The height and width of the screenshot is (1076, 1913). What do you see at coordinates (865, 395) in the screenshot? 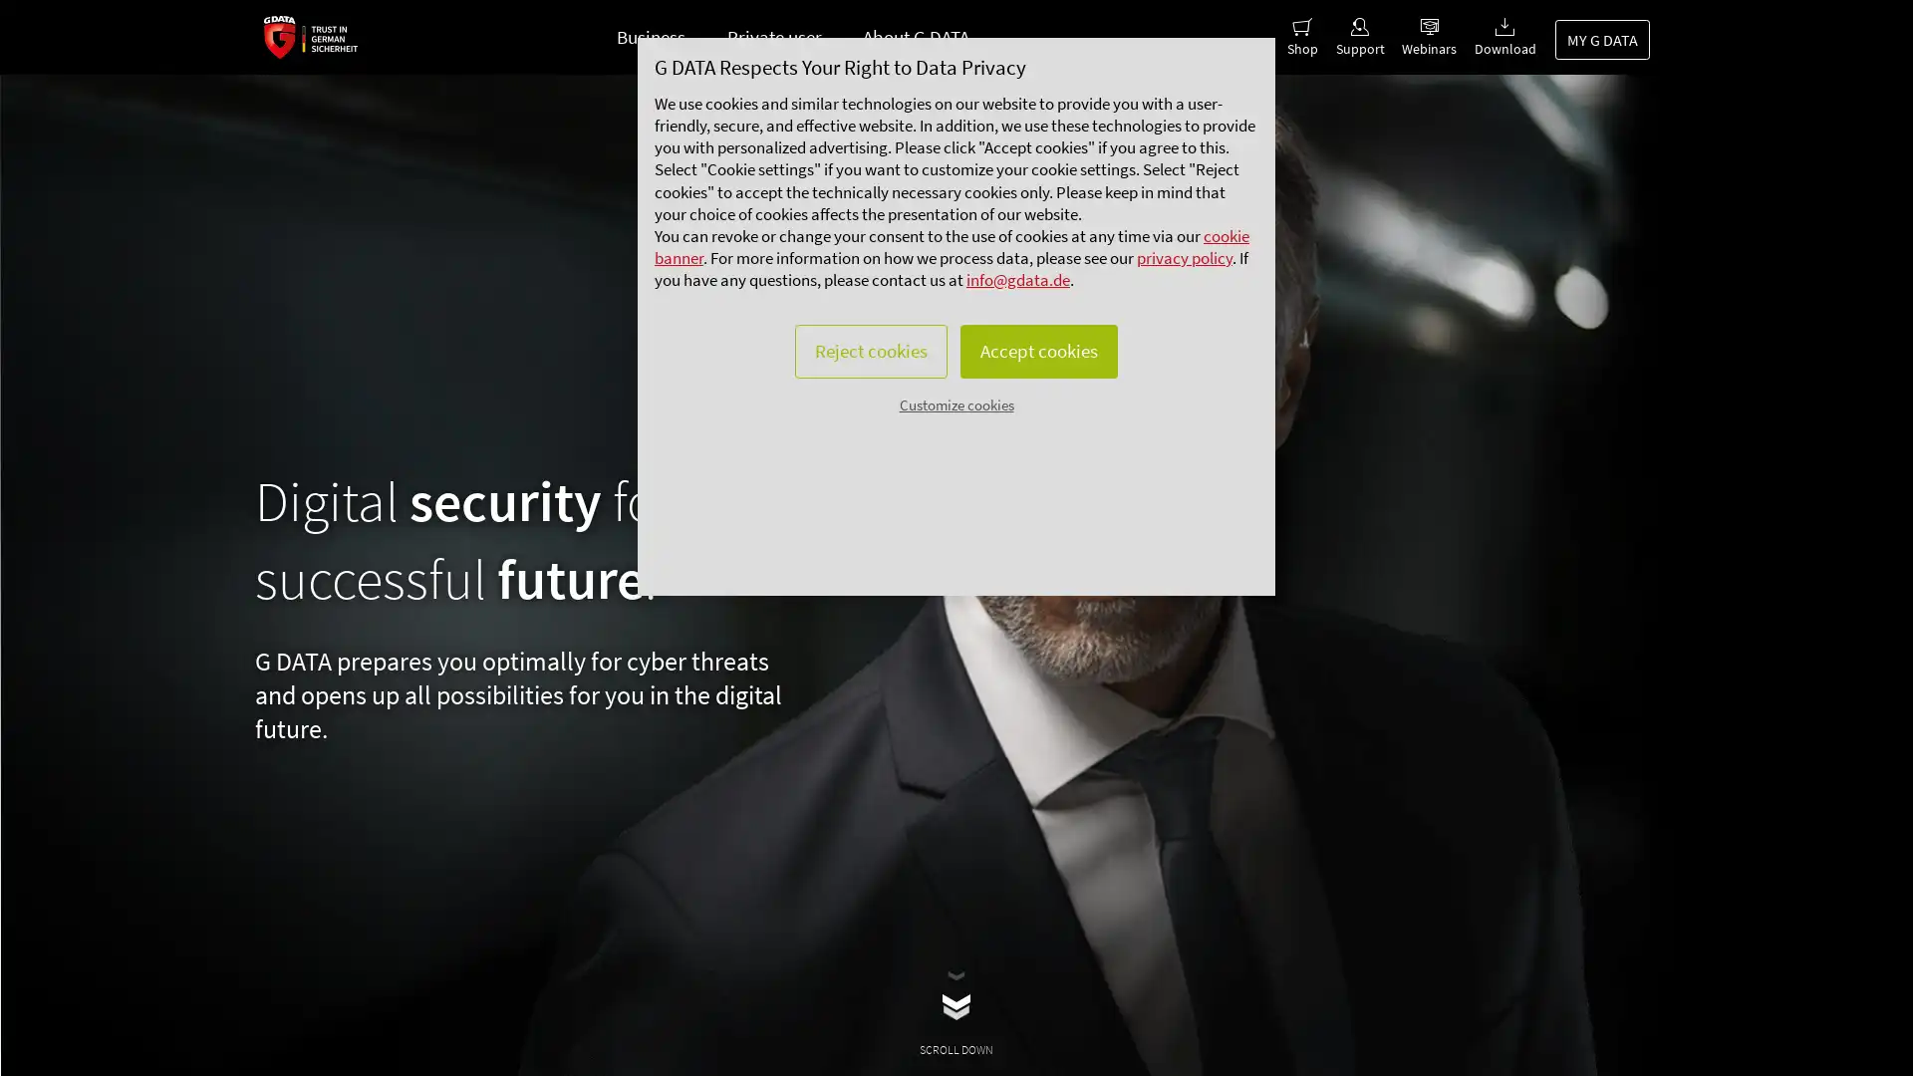
I see `Reject cookies` at bounding box center [865, 395].